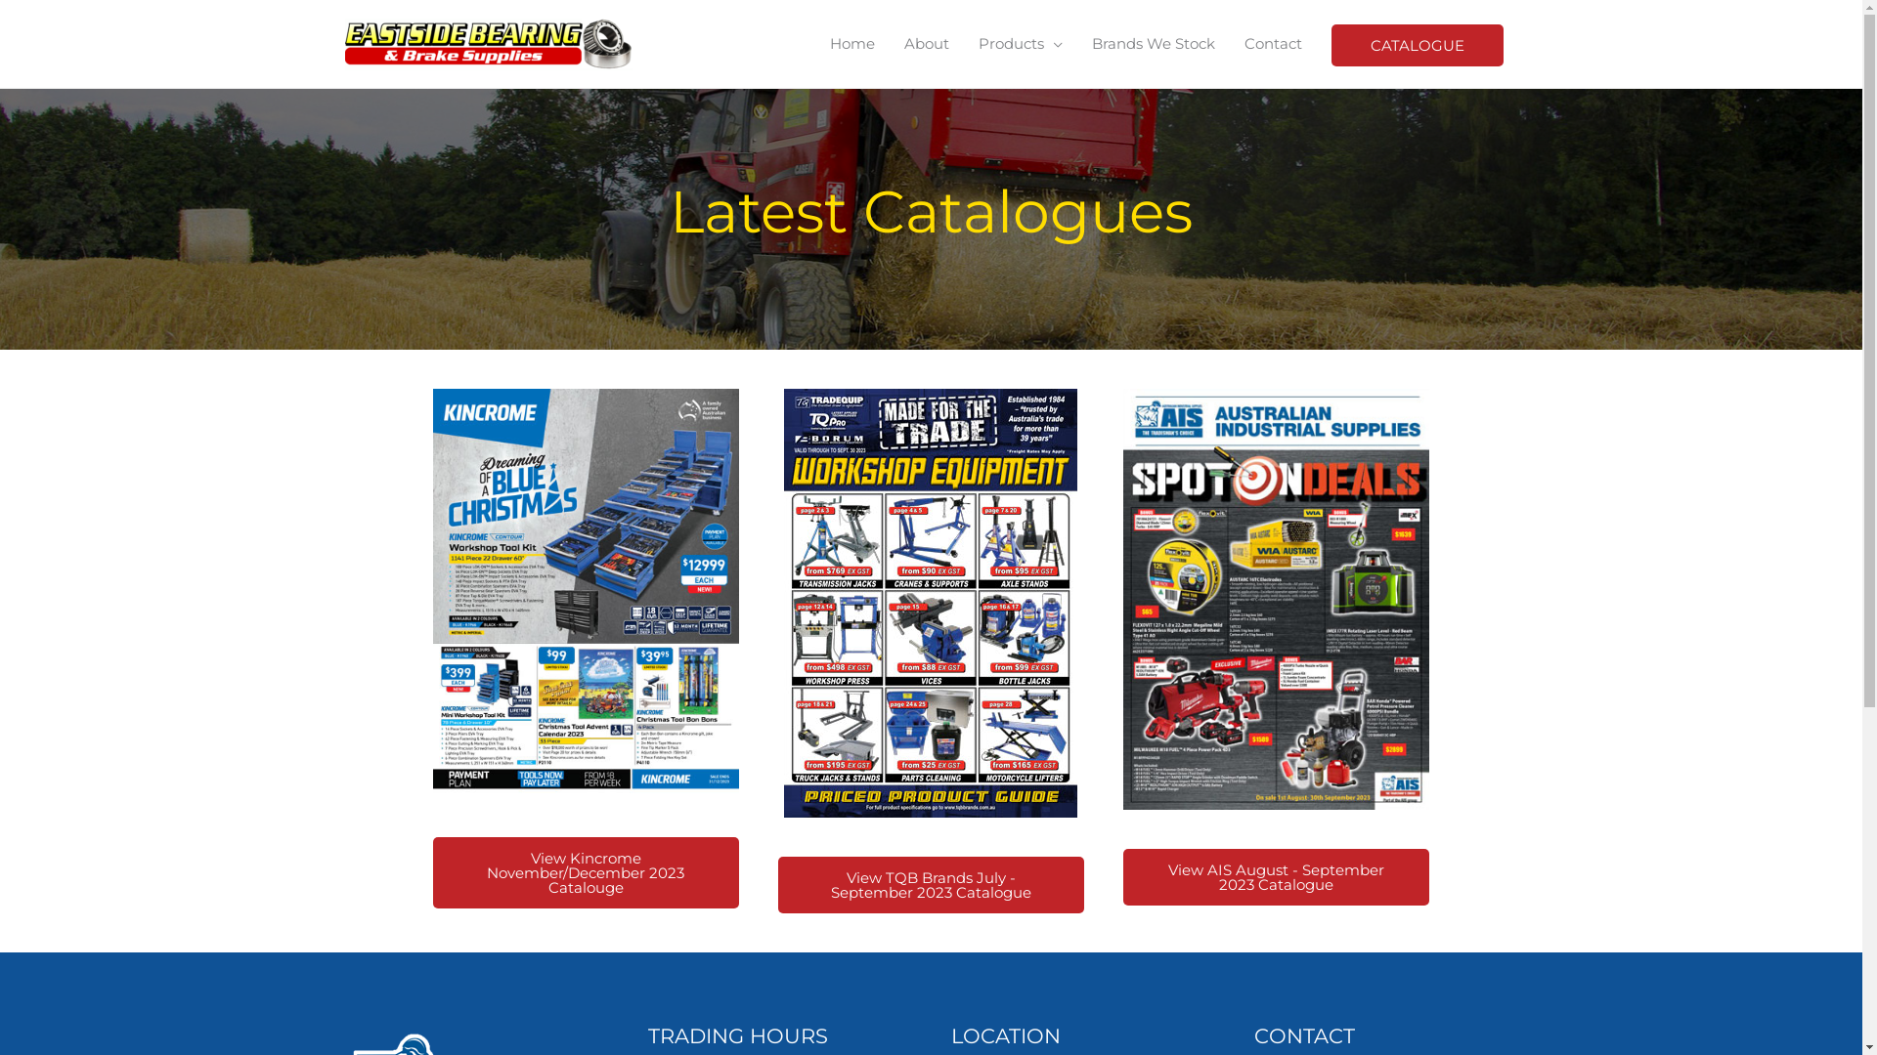  I want to click on 'About', so click(889, 44).